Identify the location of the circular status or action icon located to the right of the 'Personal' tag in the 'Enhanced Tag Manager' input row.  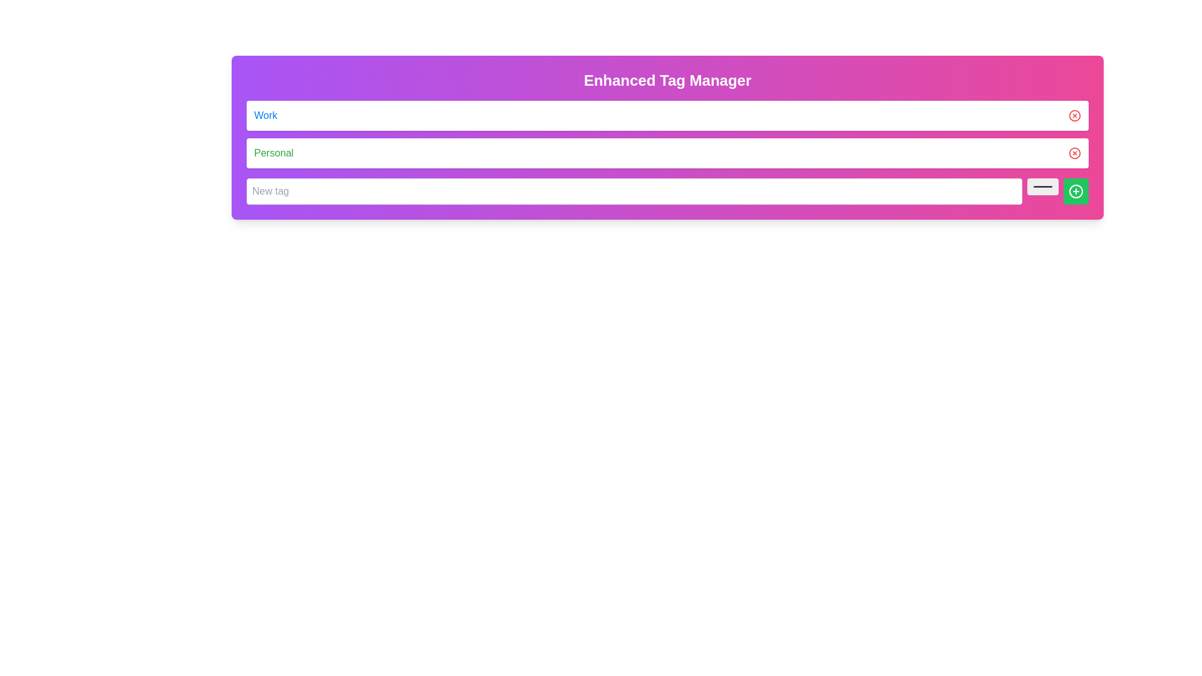
(1074, 153).